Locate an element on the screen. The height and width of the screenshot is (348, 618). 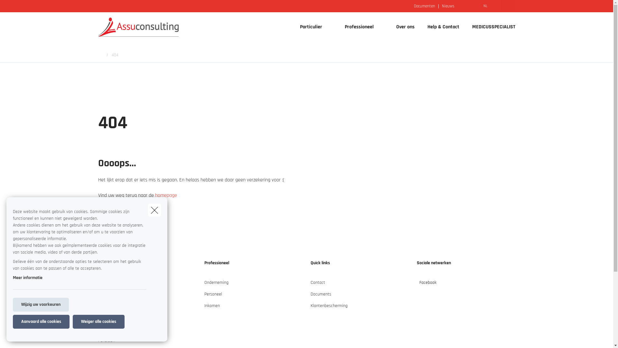
'Onderneming' is located at coordinates (203, 285).